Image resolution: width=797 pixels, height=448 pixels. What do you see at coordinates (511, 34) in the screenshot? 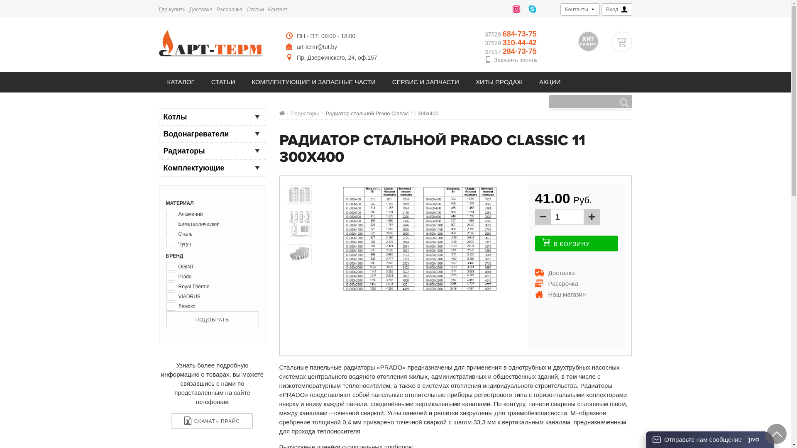
I see `'37529 684-73-75'` at bounding box center [511, 34].